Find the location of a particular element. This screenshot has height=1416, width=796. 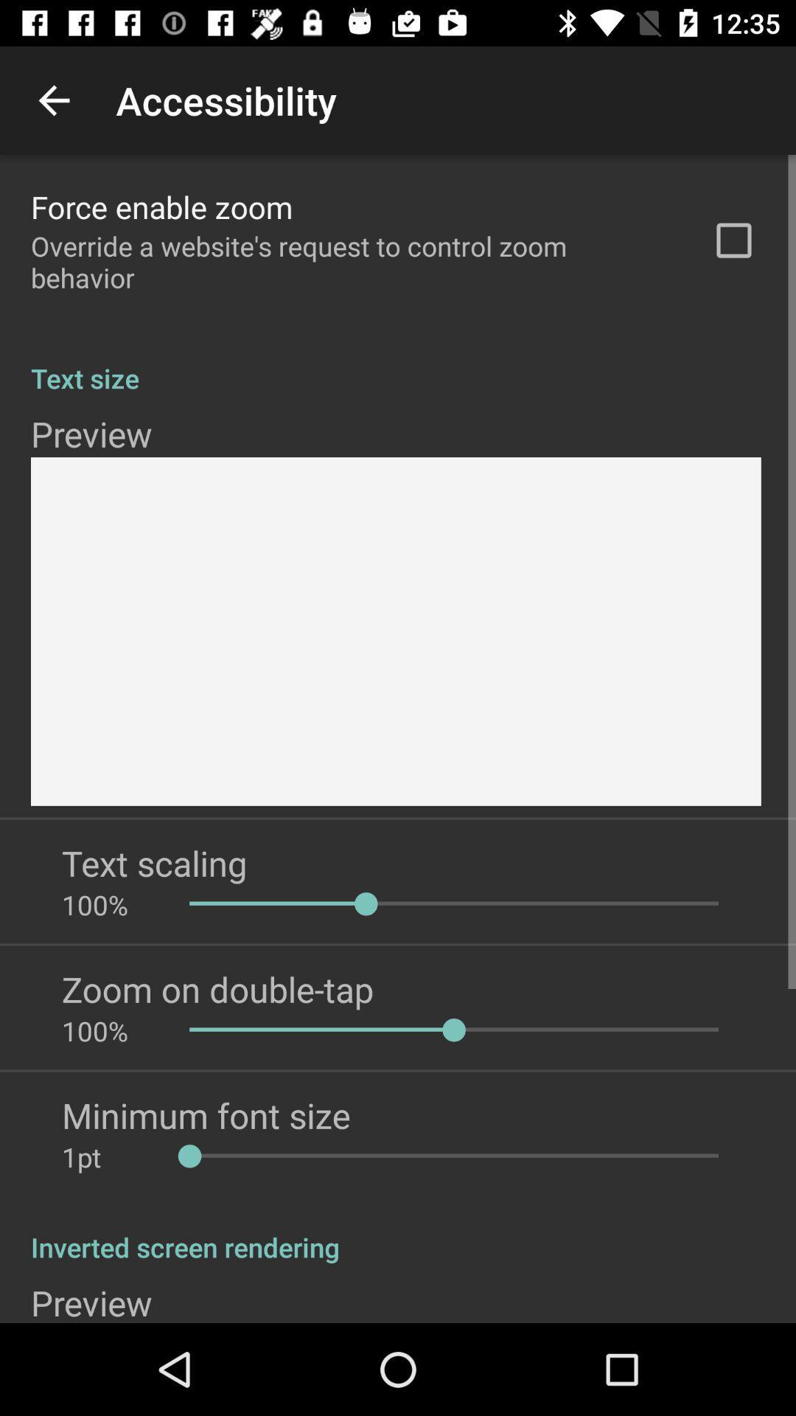

the app to the right of override a website icon is located at coordinates (733, 240).